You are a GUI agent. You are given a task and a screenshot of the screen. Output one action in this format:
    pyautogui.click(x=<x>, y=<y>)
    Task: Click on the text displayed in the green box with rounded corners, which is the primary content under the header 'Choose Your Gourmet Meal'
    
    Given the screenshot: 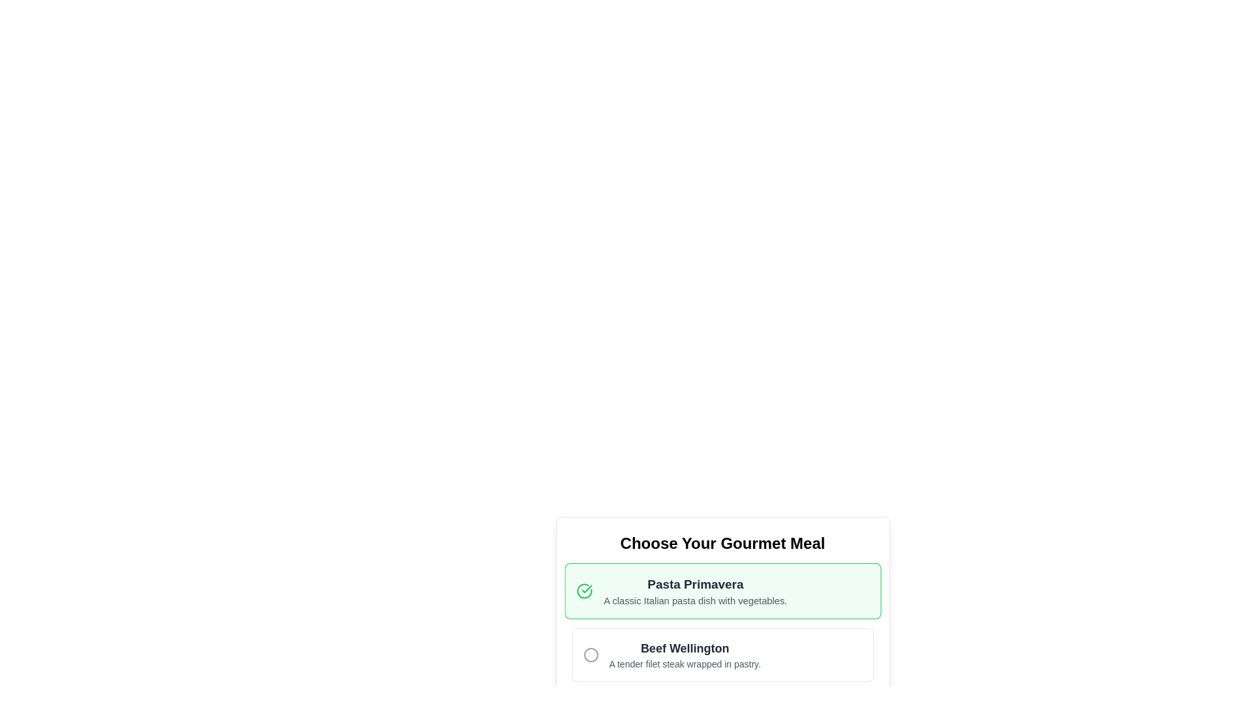 What is the action you would take?
    pyautogui.click(x=694, y=591)
    